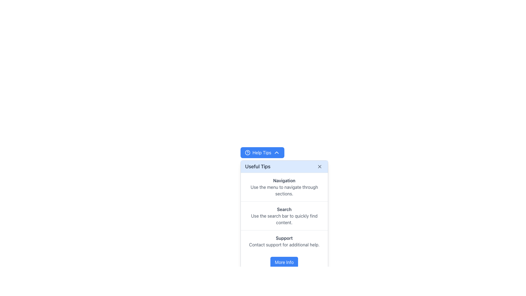 The width and height of the screenshot is (526, 296). What do you see at coordinates (277, 152) in the screenshot?
I see `the expand/collapse icon located to the right of the 'Help Tips' button` at bounding box center [277, 152].